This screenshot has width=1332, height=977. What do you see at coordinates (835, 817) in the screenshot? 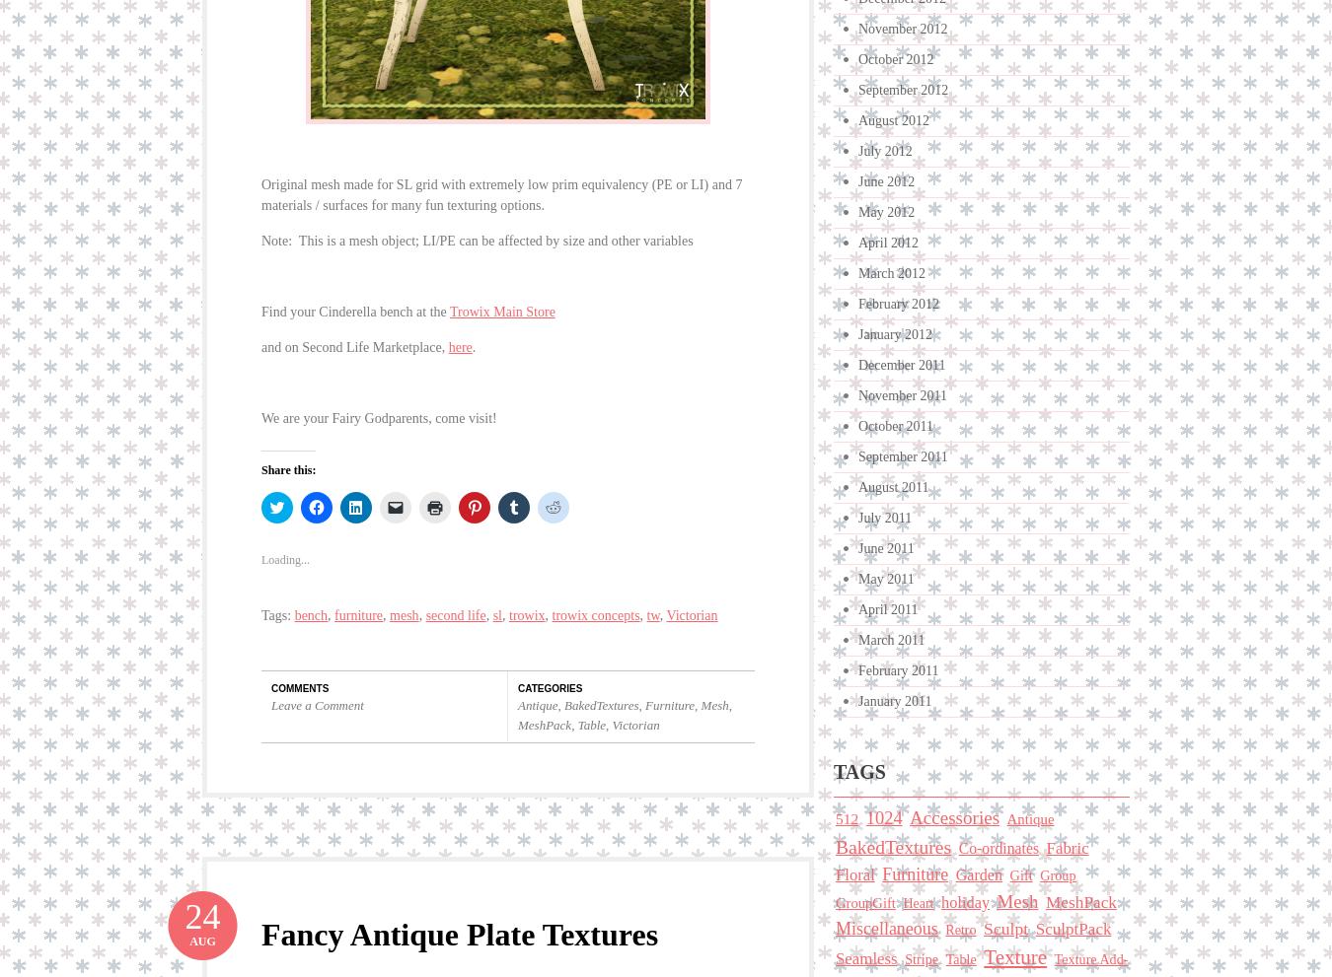
I see `'512'` at bounding box center [835, 817].